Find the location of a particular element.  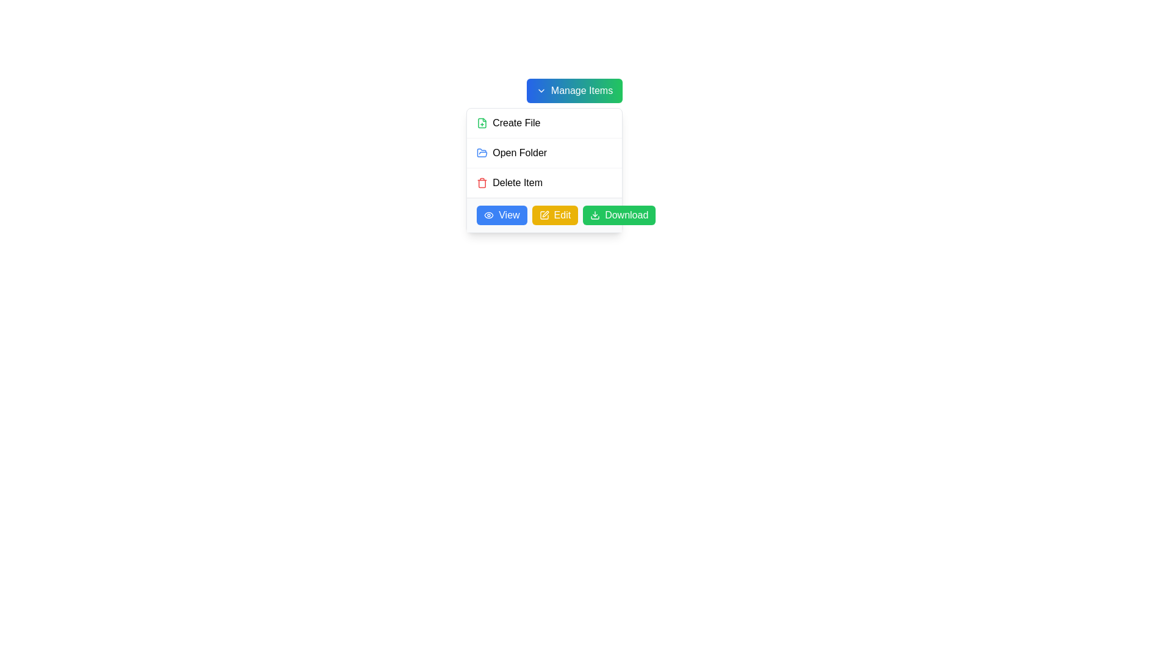

the 'Edit' button, which has a yellow background, rounded corners, and white text, positioned between the 'View' and 'Download' buttons is located at coordinates (554, 215).